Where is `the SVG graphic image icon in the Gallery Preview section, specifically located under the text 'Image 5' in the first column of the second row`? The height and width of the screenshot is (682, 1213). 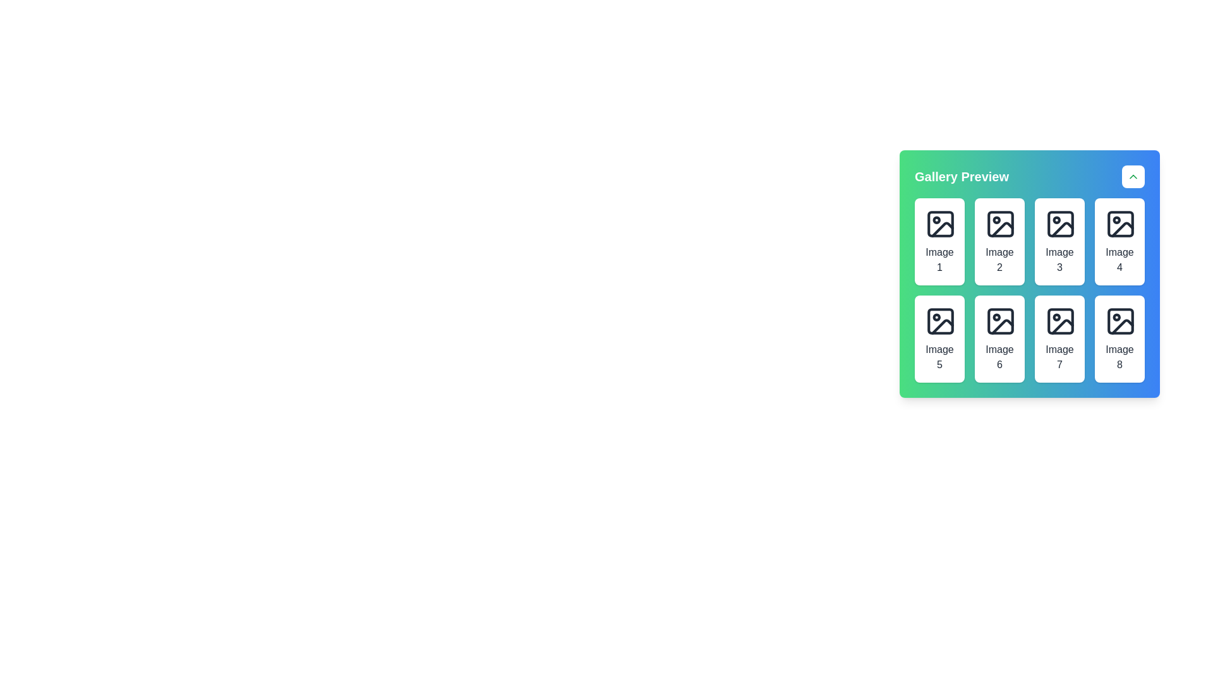 the SVG graphic image icon in the Gallery Preview section, specifically located under the text 'Image 5' in the first column of the second row is located at coordinates (940, 321).